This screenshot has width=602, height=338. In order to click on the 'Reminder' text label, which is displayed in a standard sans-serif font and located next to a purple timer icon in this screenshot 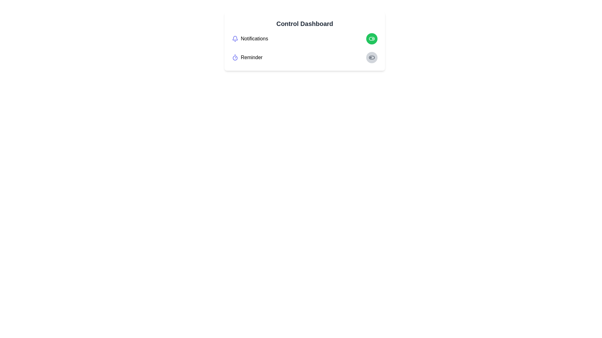, I will do `click(251, 58)`.